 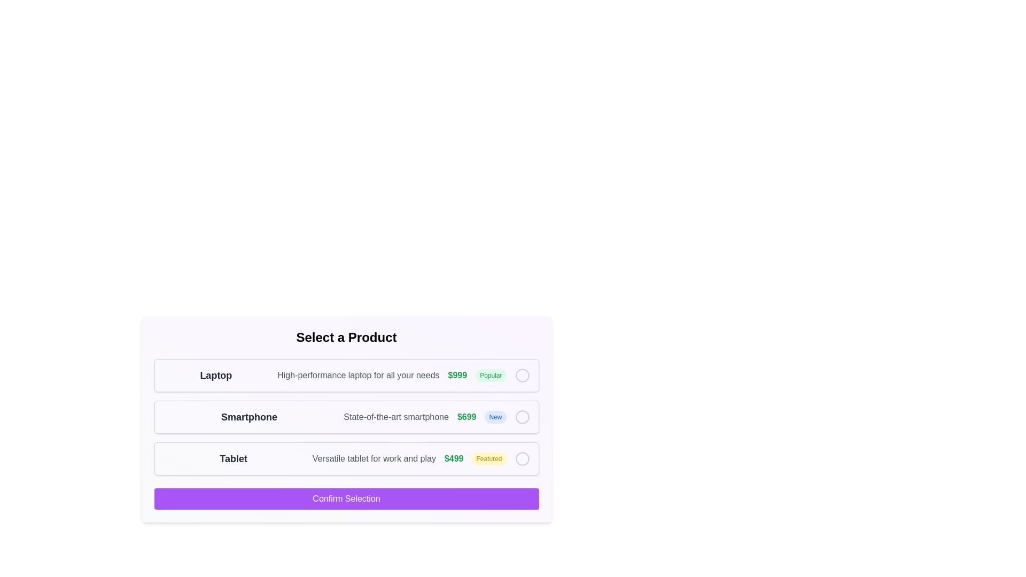 What do you see at coordinates (232, 458) in the screenshot?
I see `the text label that serves as the title or identifier of a product option located in the third row of the product selection interface` at bounding box center [232, 458].